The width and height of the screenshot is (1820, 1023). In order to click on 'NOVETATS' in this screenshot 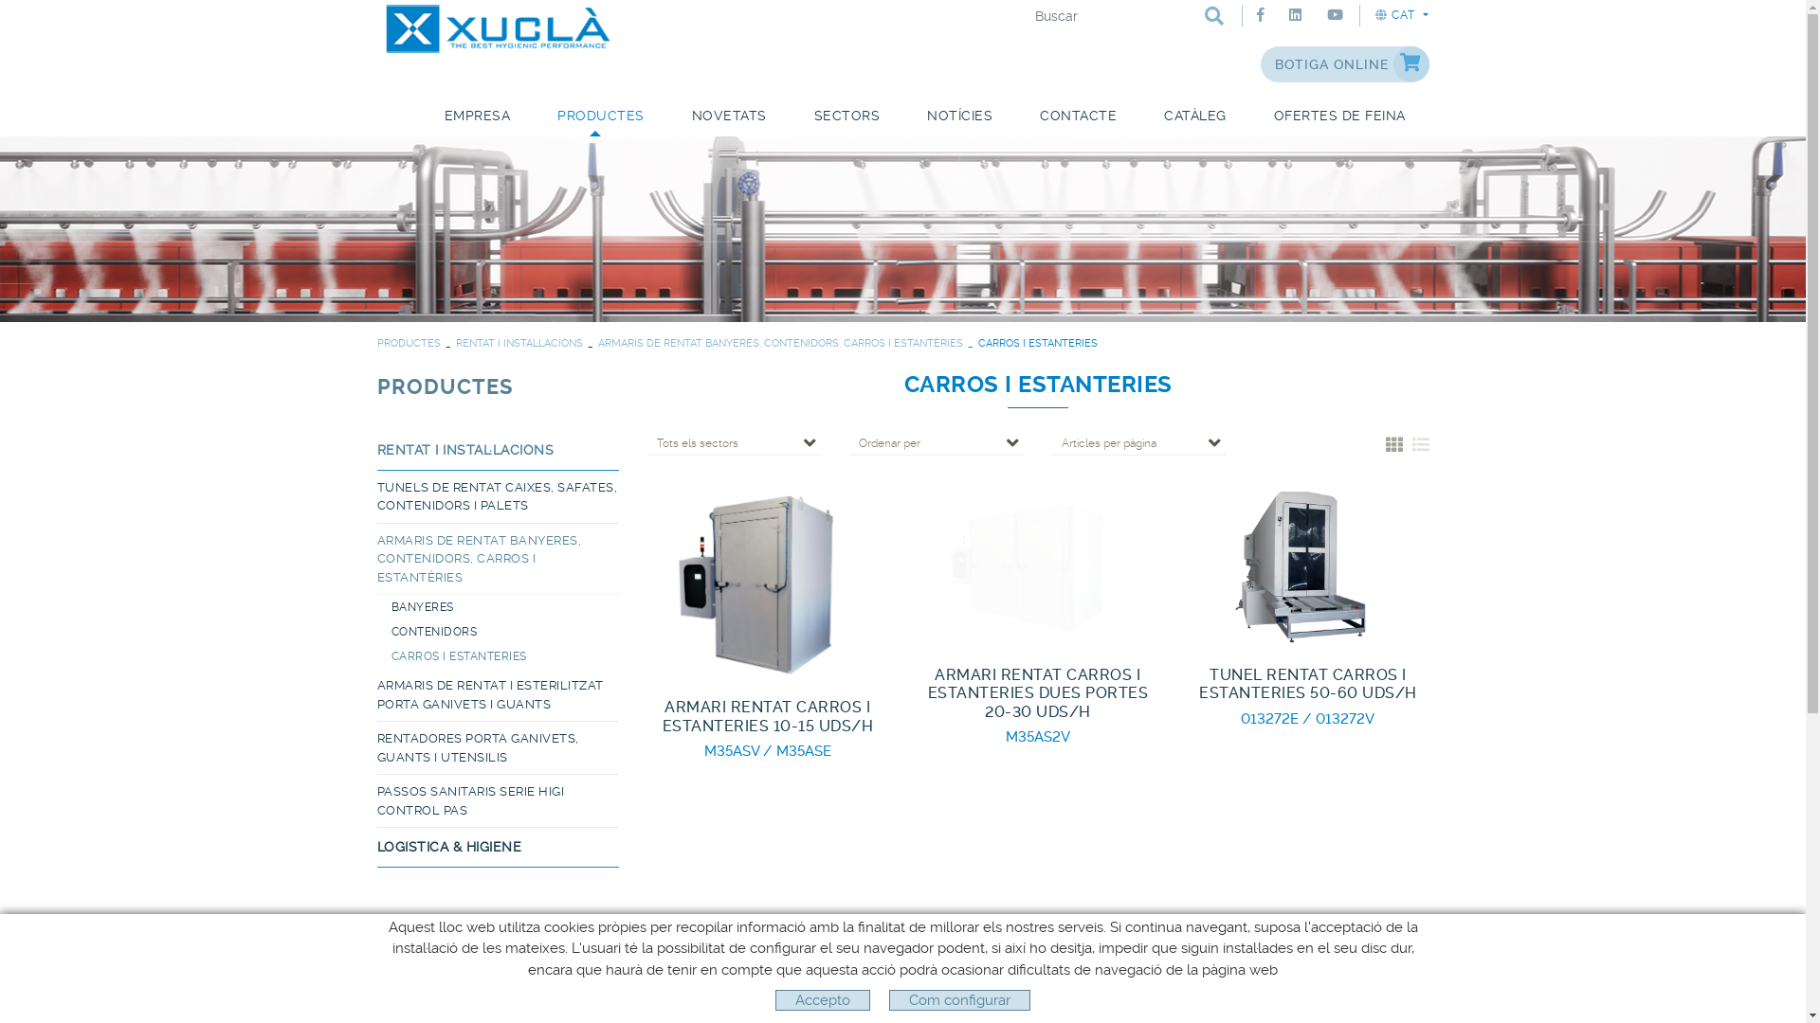, I will do `click(727, 117)`.